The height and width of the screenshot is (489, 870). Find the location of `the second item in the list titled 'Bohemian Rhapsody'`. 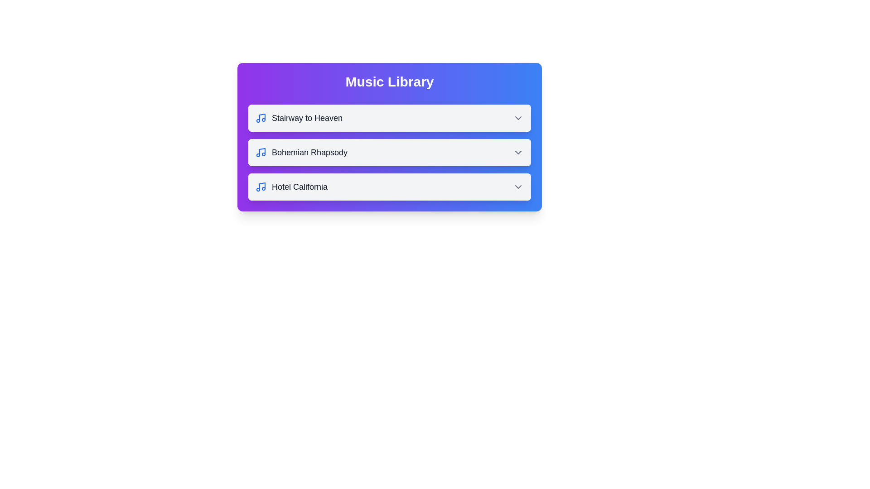

the second item in the list titled 'Bohemian Rhapsody' is located at coordinates (389, 152).